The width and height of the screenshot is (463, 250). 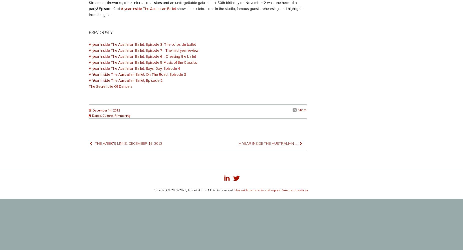 What do you see at coordinates (272, 190) in the screenshot?
I see `'Shop at Amazon.com and support Smarter Creativity.'` at bounding box center [272, 190].